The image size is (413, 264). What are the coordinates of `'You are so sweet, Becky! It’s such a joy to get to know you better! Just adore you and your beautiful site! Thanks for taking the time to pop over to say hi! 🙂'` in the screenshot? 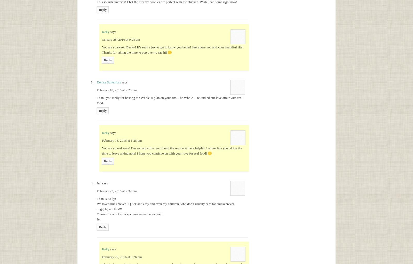 It's located at (172, 50).